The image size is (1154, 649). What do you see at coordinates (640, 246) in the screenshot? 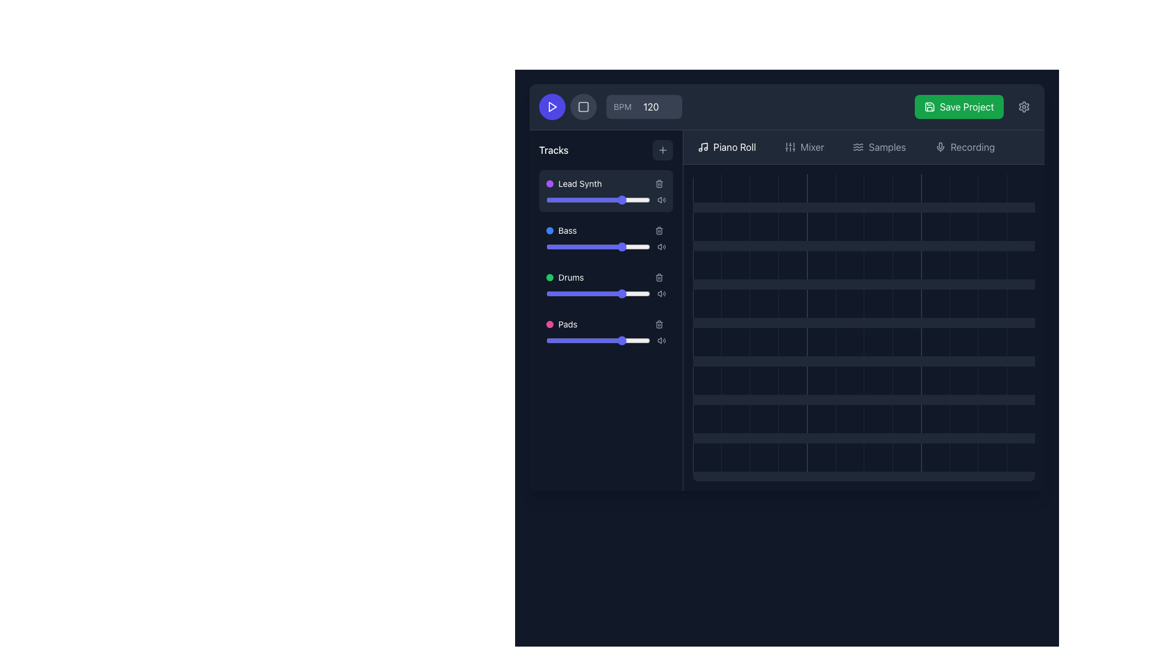
I see `the bass level` at bounding box center [640, 246].